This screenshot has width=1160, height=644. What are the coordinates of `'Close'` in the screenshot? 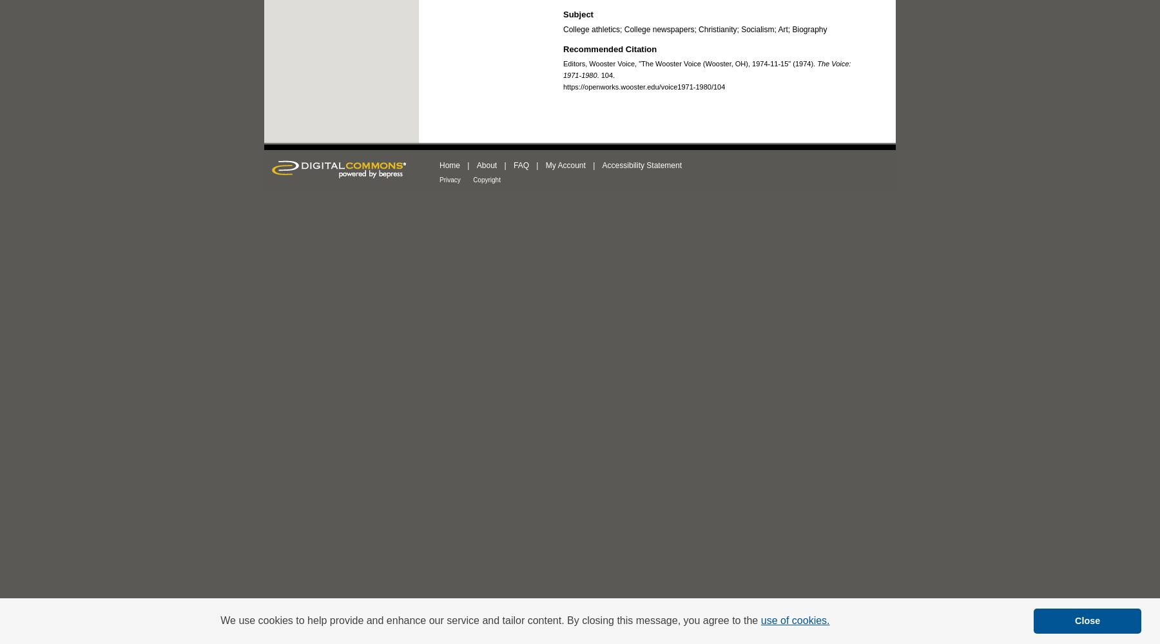 It's located at (1087, 620).